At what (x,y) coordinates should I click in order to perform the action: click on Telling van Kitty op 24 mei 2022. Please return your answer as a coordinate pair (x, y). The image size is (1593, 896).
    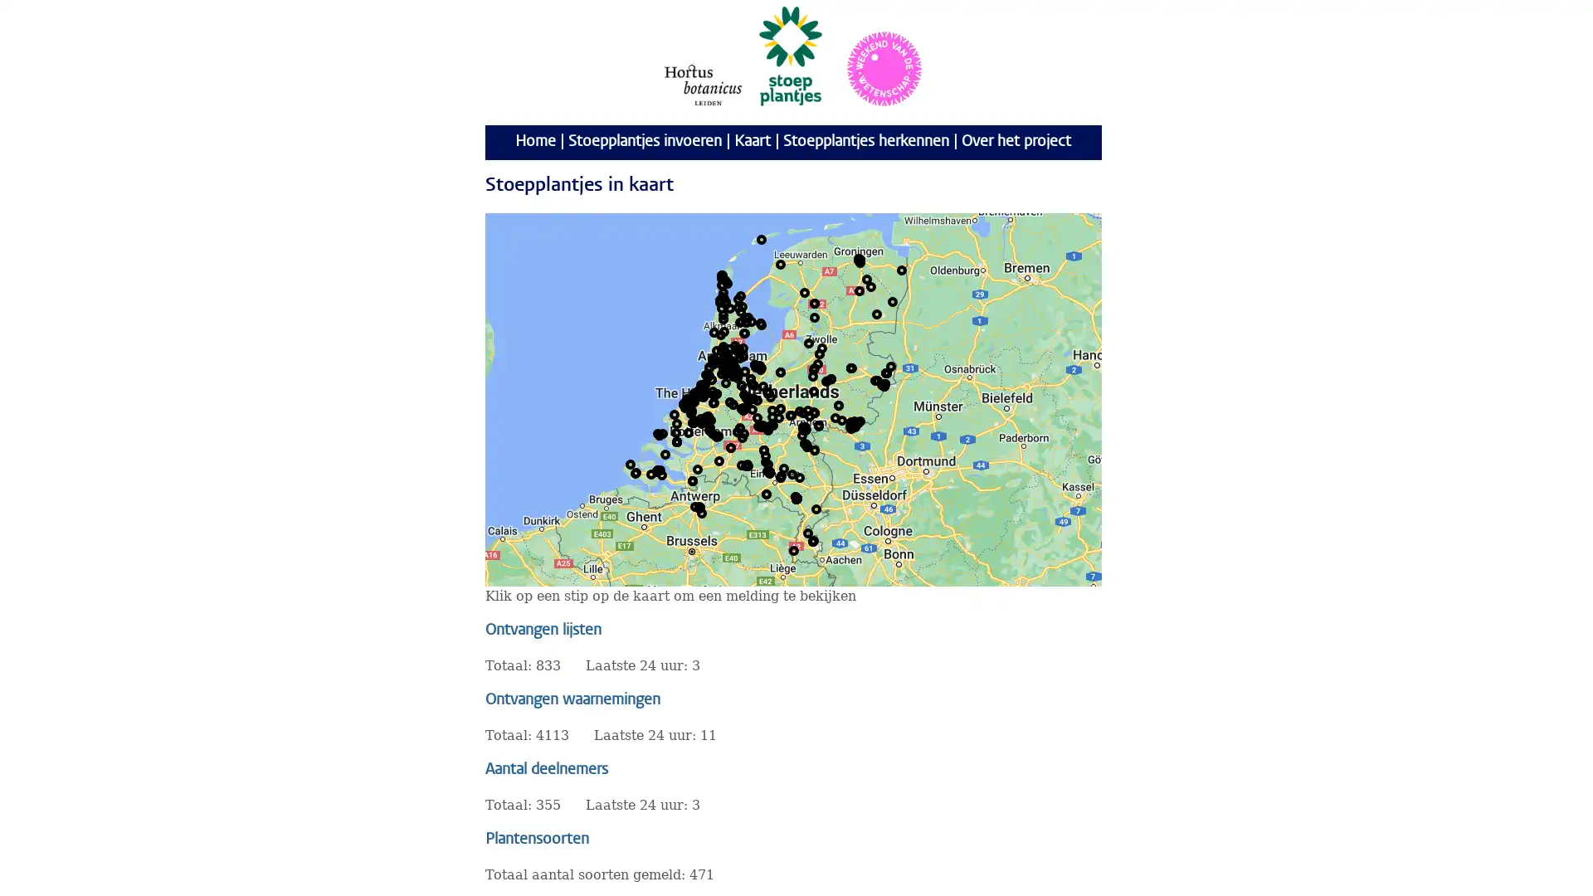
    Looking at the image, I should click on (768, 470).